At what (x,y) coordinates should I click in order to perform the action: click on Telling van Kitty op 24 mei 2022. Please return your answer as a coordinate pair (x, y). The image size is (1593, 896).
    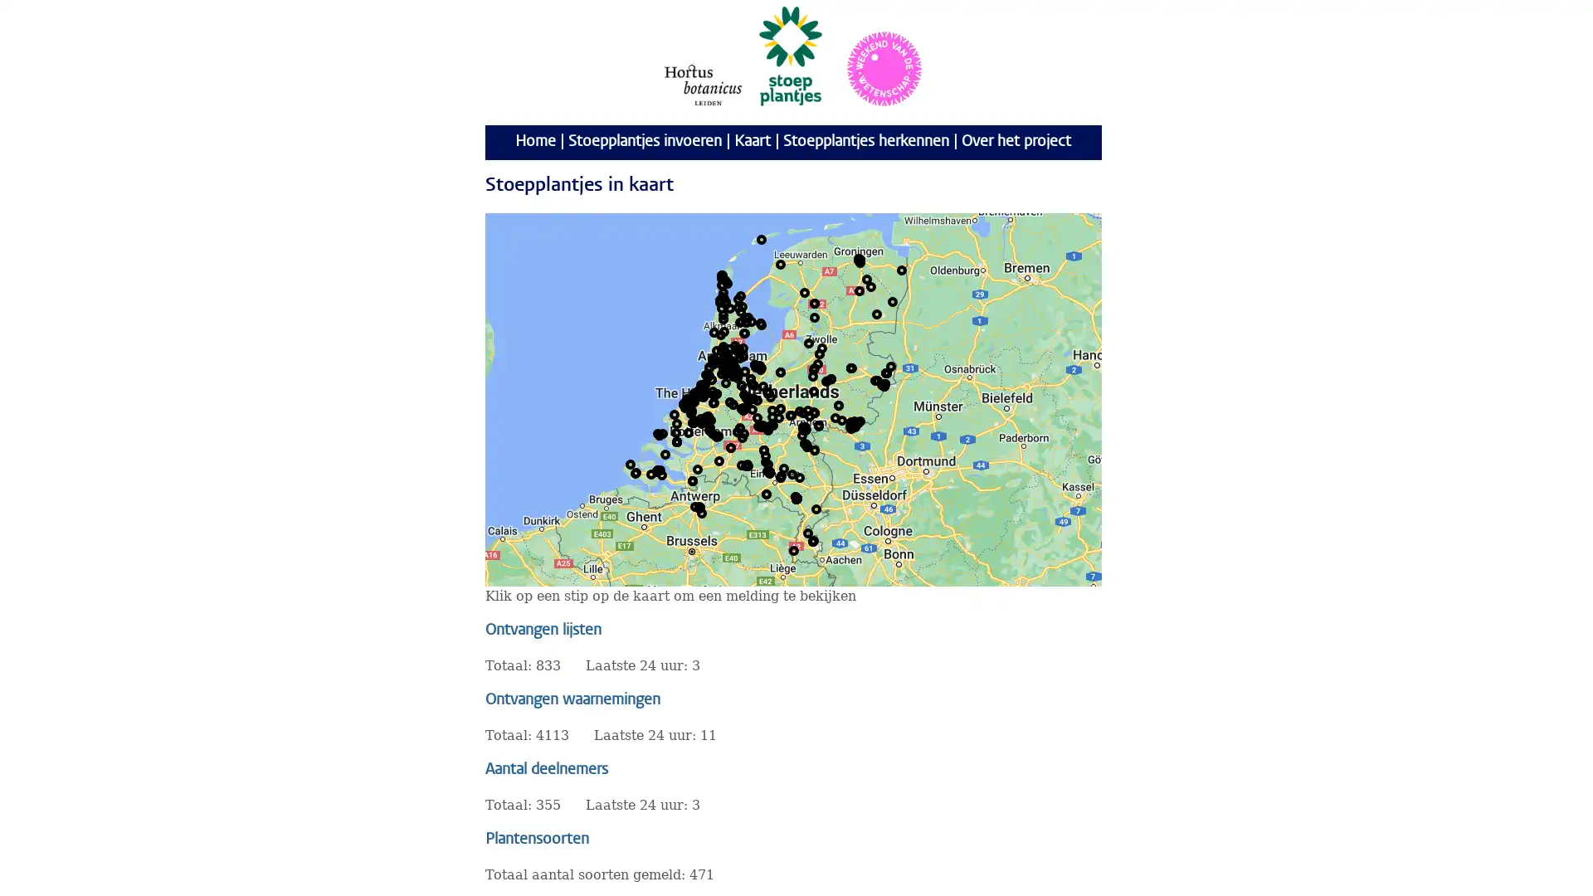
    Looking at the image, I should click on (768, 470).